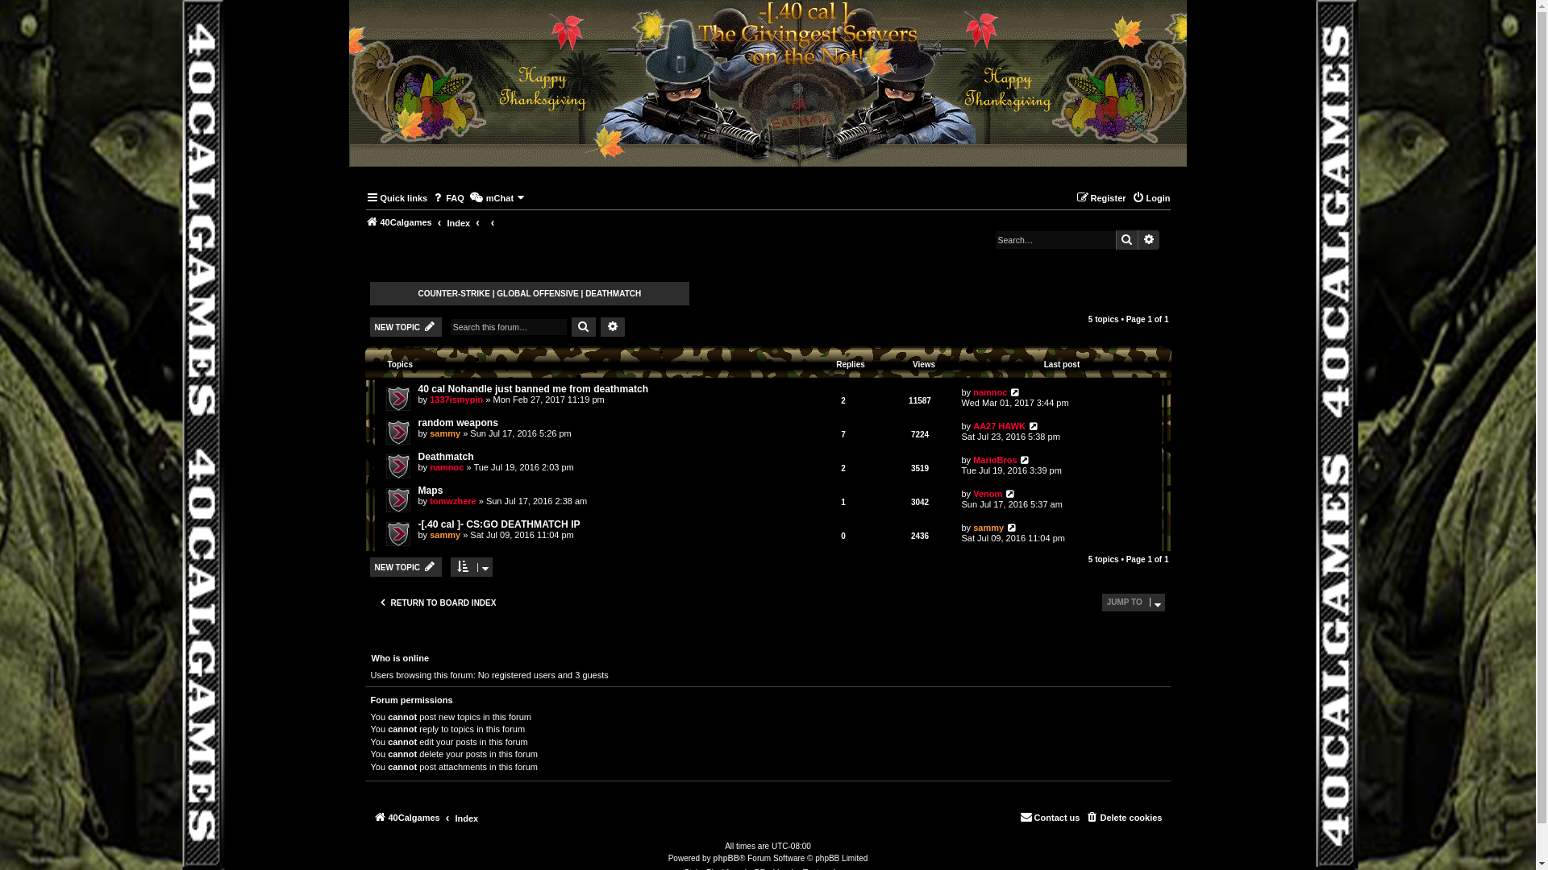  Describe the element at coordinates (447, 197) in the screenshot. I see `'FAQ'` at that location.